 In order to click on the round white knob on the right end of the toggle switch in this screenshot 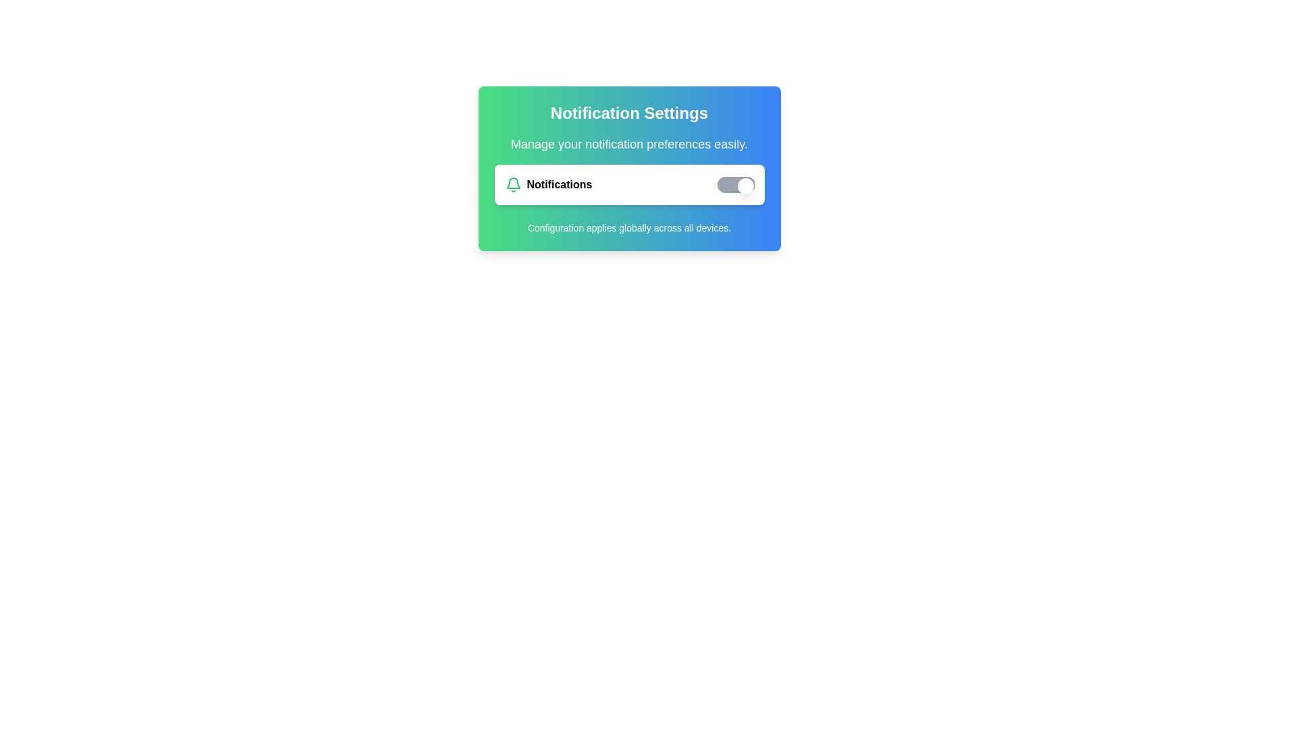, I will do `click(745, 186)`.